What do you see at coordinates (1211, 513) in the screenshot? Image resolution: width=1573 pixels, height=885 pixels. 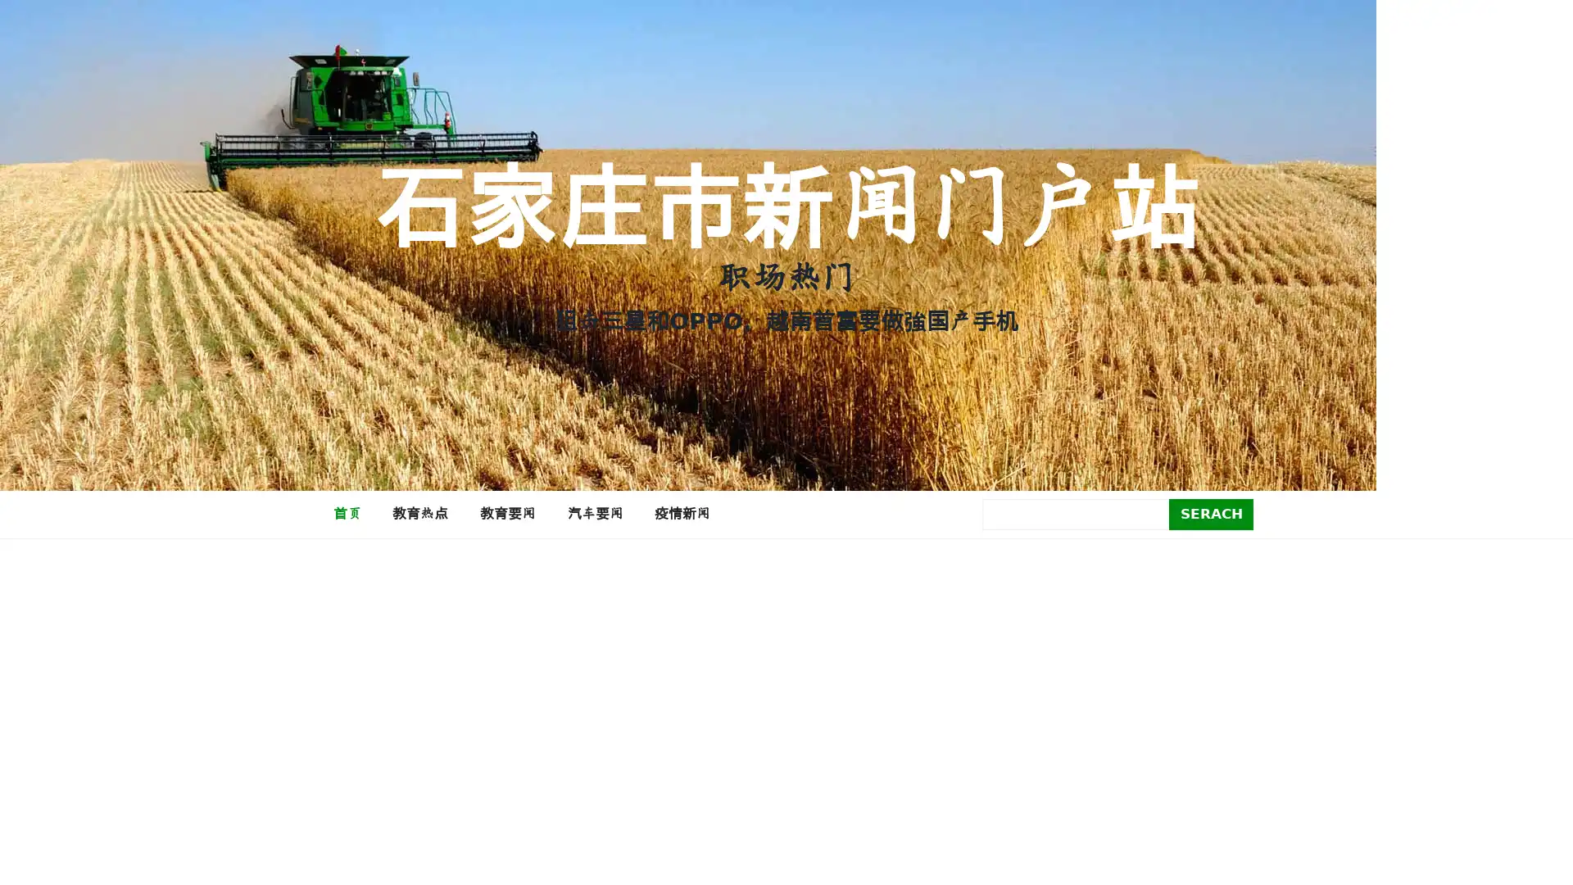 I see `serach` at bounding box center [1211, 513].